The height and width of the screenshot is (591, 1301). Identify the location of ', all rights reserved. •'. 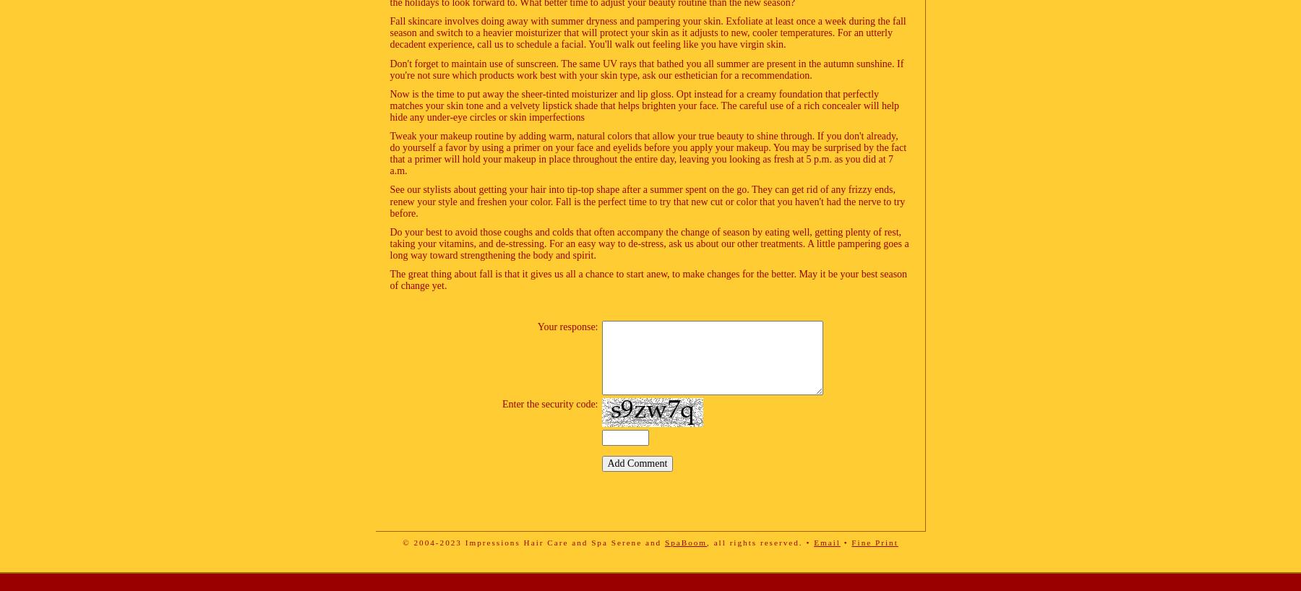
(760, 541).